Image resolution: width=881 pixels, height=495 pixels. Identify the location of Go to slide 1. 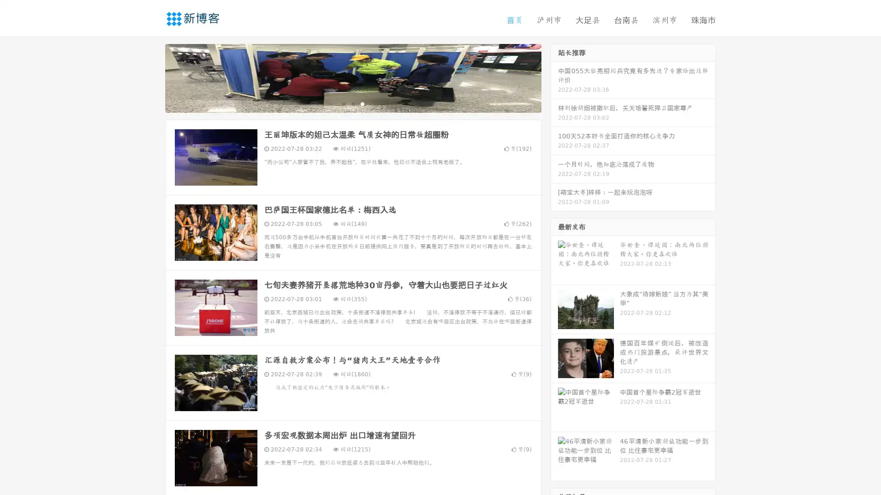
(343, 103).